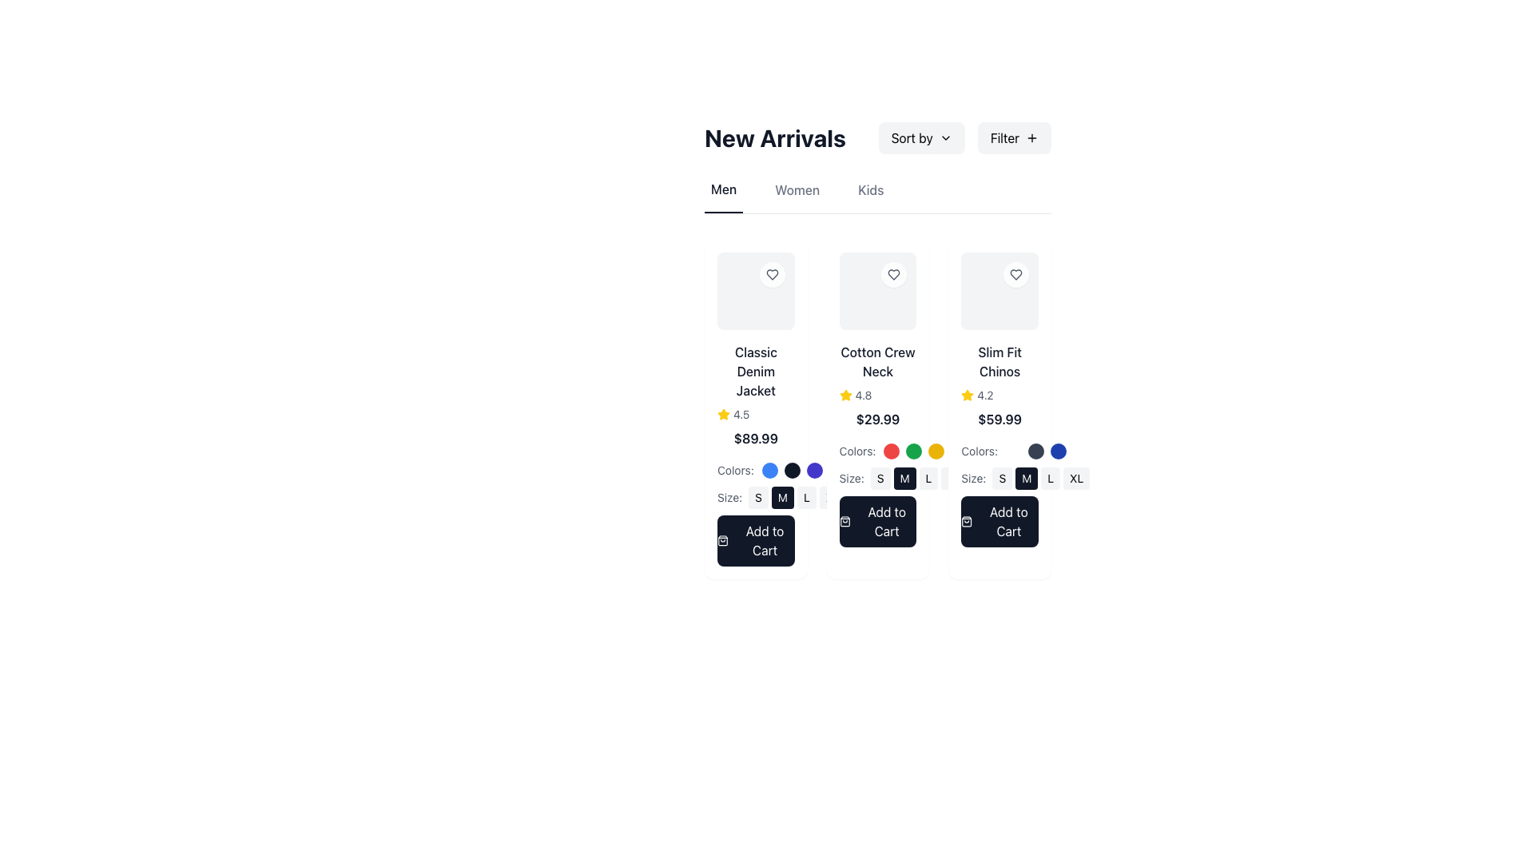 The height and width of the screenshot is (863, 1534). What do you see at coordinates (755, 454) in the screenshot?
I see `the color swatch in the Product Detail Card for the 'Classic Denim Jacket'` at bounding box center [755, 454].